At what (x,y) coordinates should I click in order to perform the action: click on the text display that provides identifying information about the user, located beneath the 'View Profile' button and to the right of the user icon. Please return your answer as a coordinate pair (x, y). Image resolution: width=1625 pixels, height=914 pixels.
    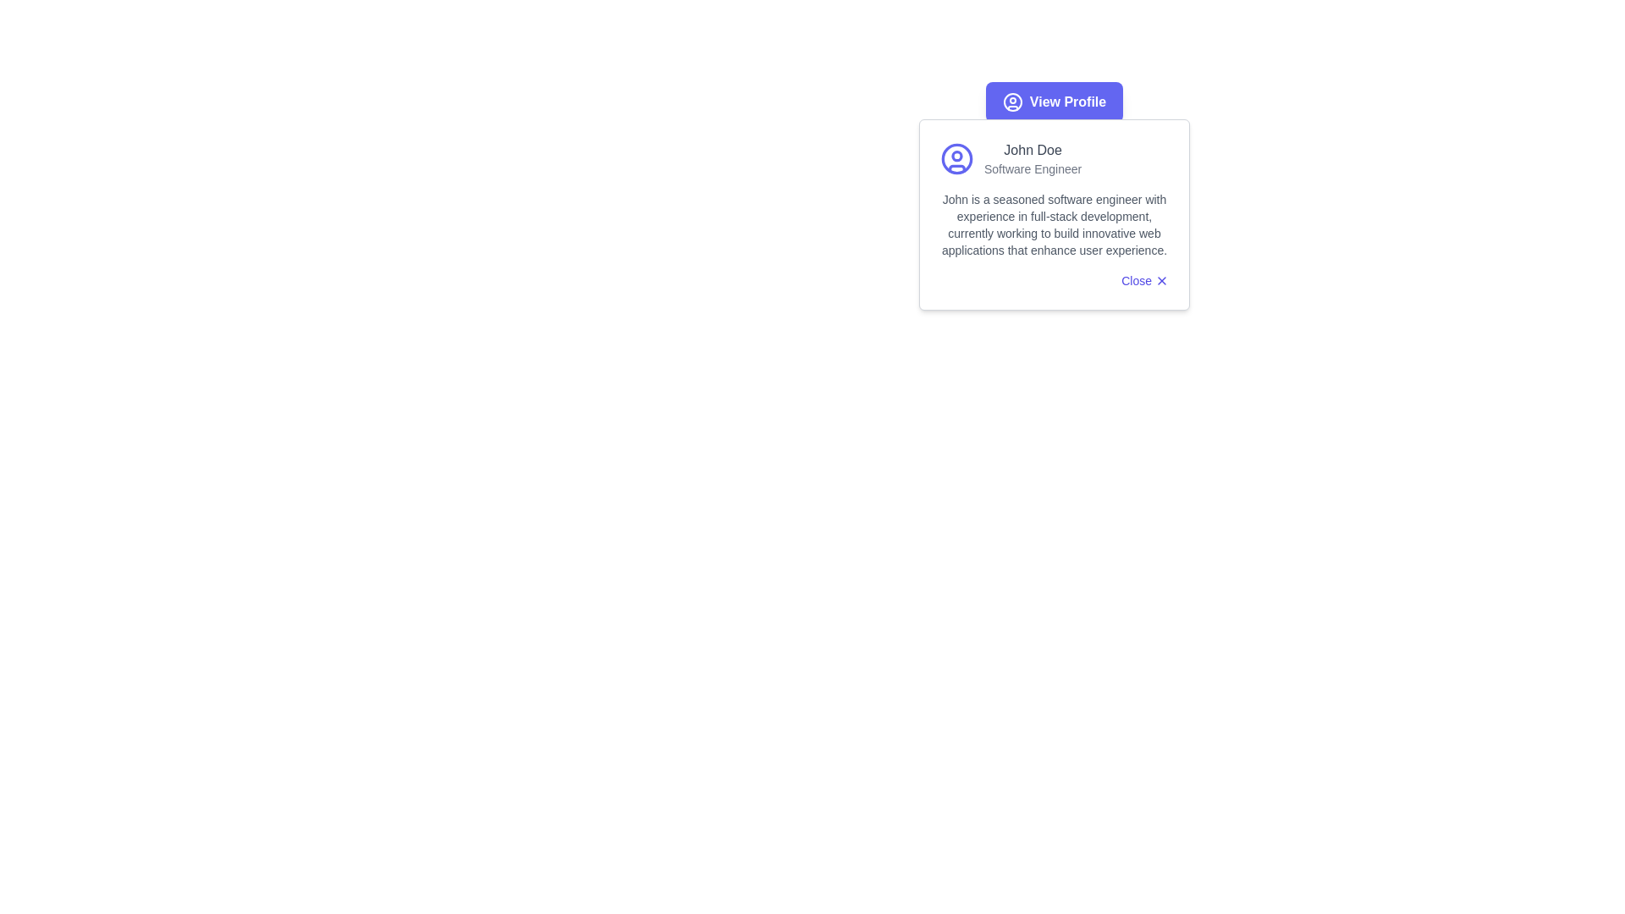
    Looking at the image, I should click on (1032, 159).